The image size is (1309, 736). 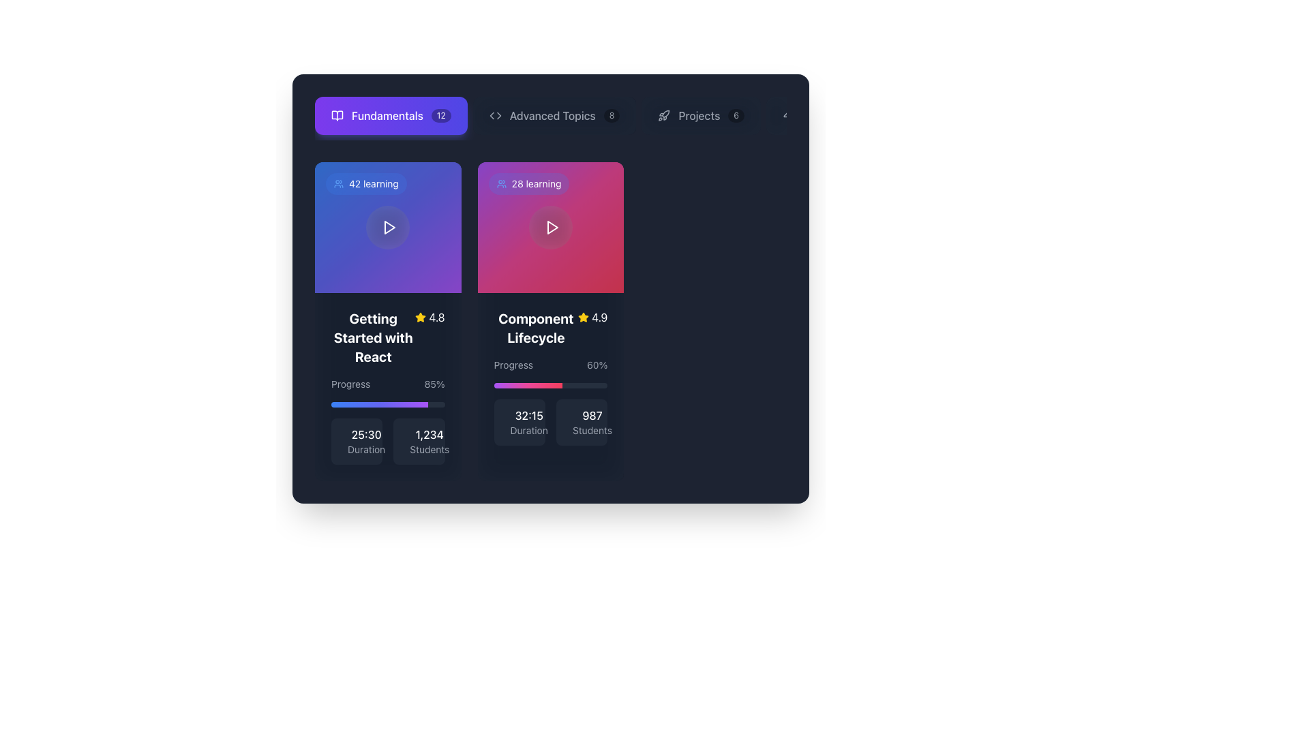 I want to click on the 'Projects' button, which is the third item in the horizontal menu bar, so click(x=701, y=114).